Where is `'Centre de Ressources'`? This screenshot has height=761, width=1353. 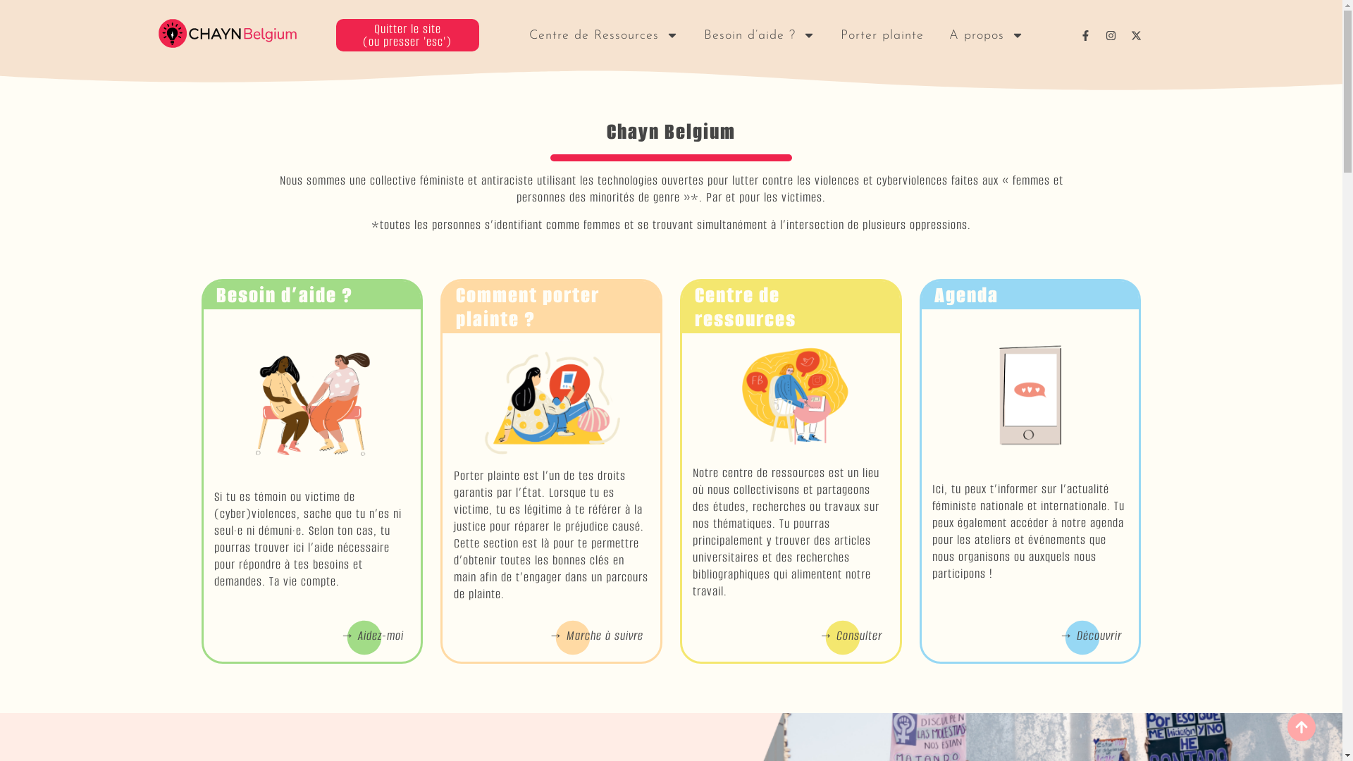 'Centre de Ressources' is located at coordinates (604, 35).